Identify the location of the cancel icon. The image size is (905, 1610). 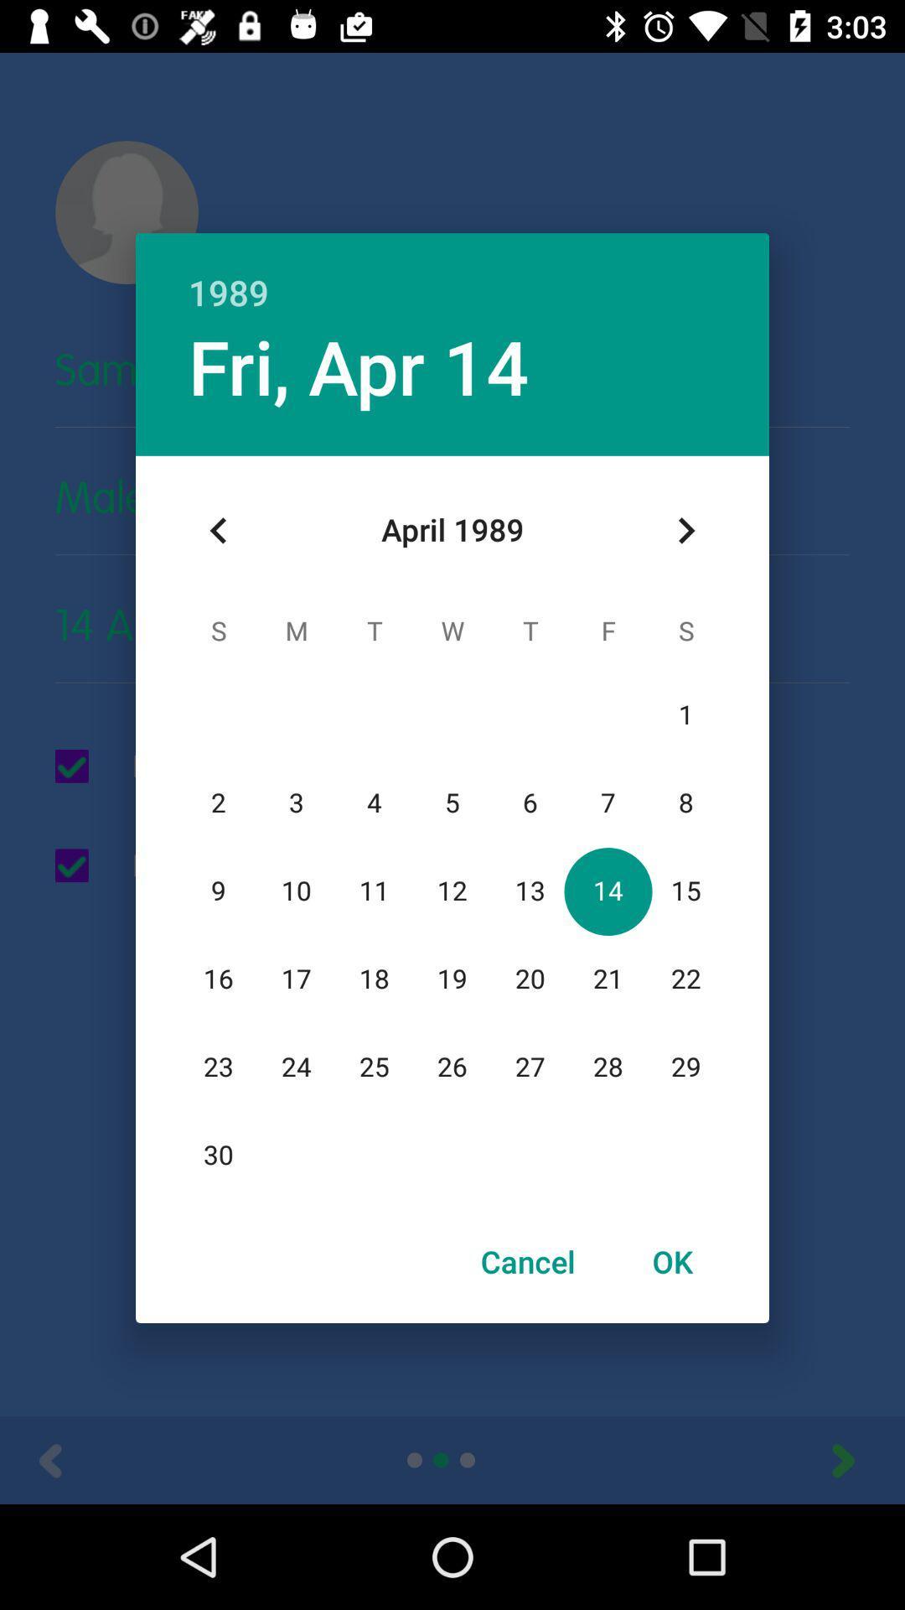
(528, 1261).